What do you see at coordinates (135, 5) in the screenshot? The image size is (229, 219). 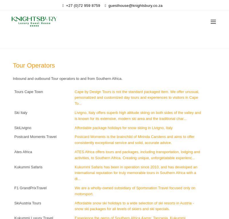 I see `'guesthouse@knightsbury.co.za'` at bounding box center [135, 5].